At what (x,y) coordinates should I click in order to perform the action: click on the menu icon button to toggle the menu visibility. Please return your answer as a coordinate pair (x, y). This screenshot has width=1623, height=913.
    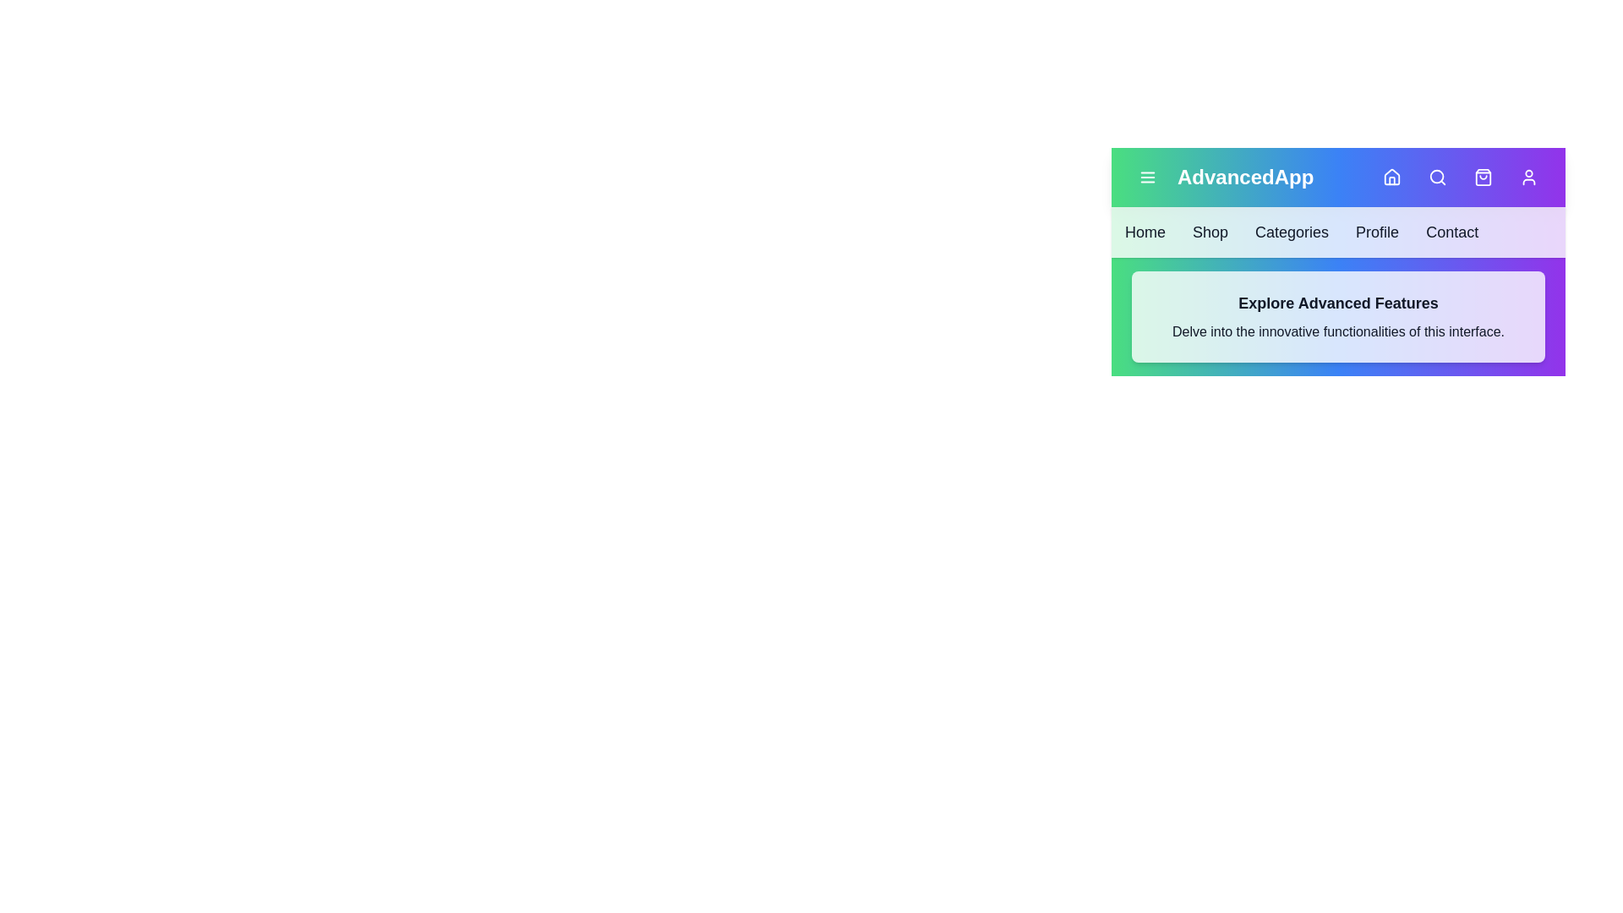
    Looking at the image, I should click on (1148, 177).